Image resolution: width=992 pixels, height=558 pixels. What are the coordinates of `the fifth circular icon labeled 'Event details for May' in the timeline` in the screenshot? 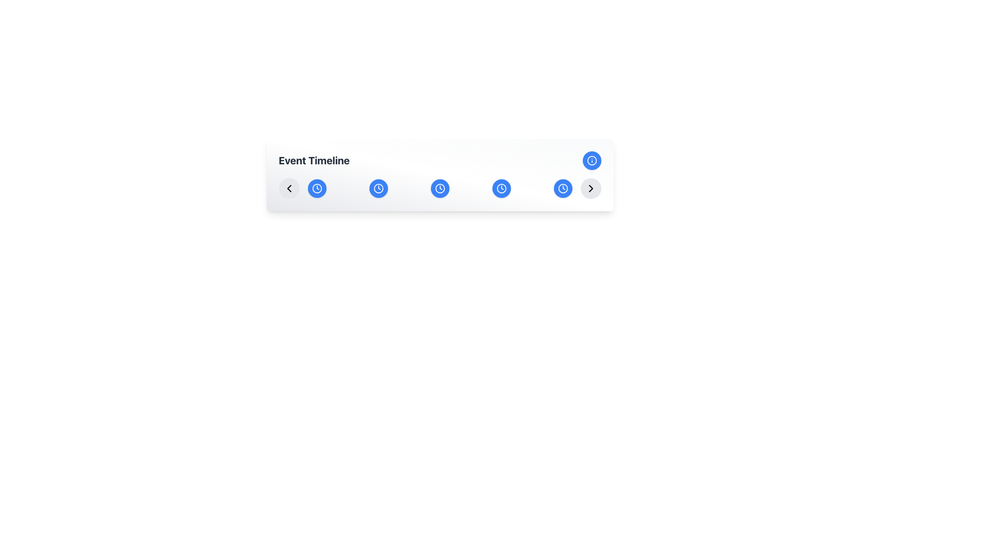 It's located at (562, 189).